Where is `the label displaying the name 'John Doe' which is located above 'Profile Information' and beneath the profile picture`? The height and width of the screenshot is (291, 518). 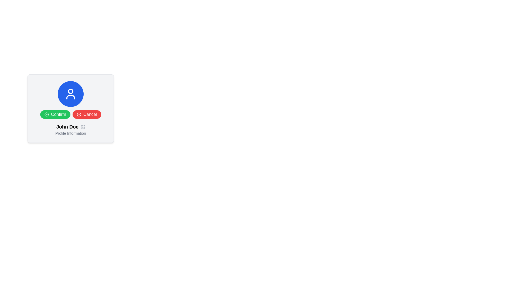
the label displaying the name 'John Doe' which is located above 'Profile Information' and beneath the profile picture is located at coordinates (70, 127).